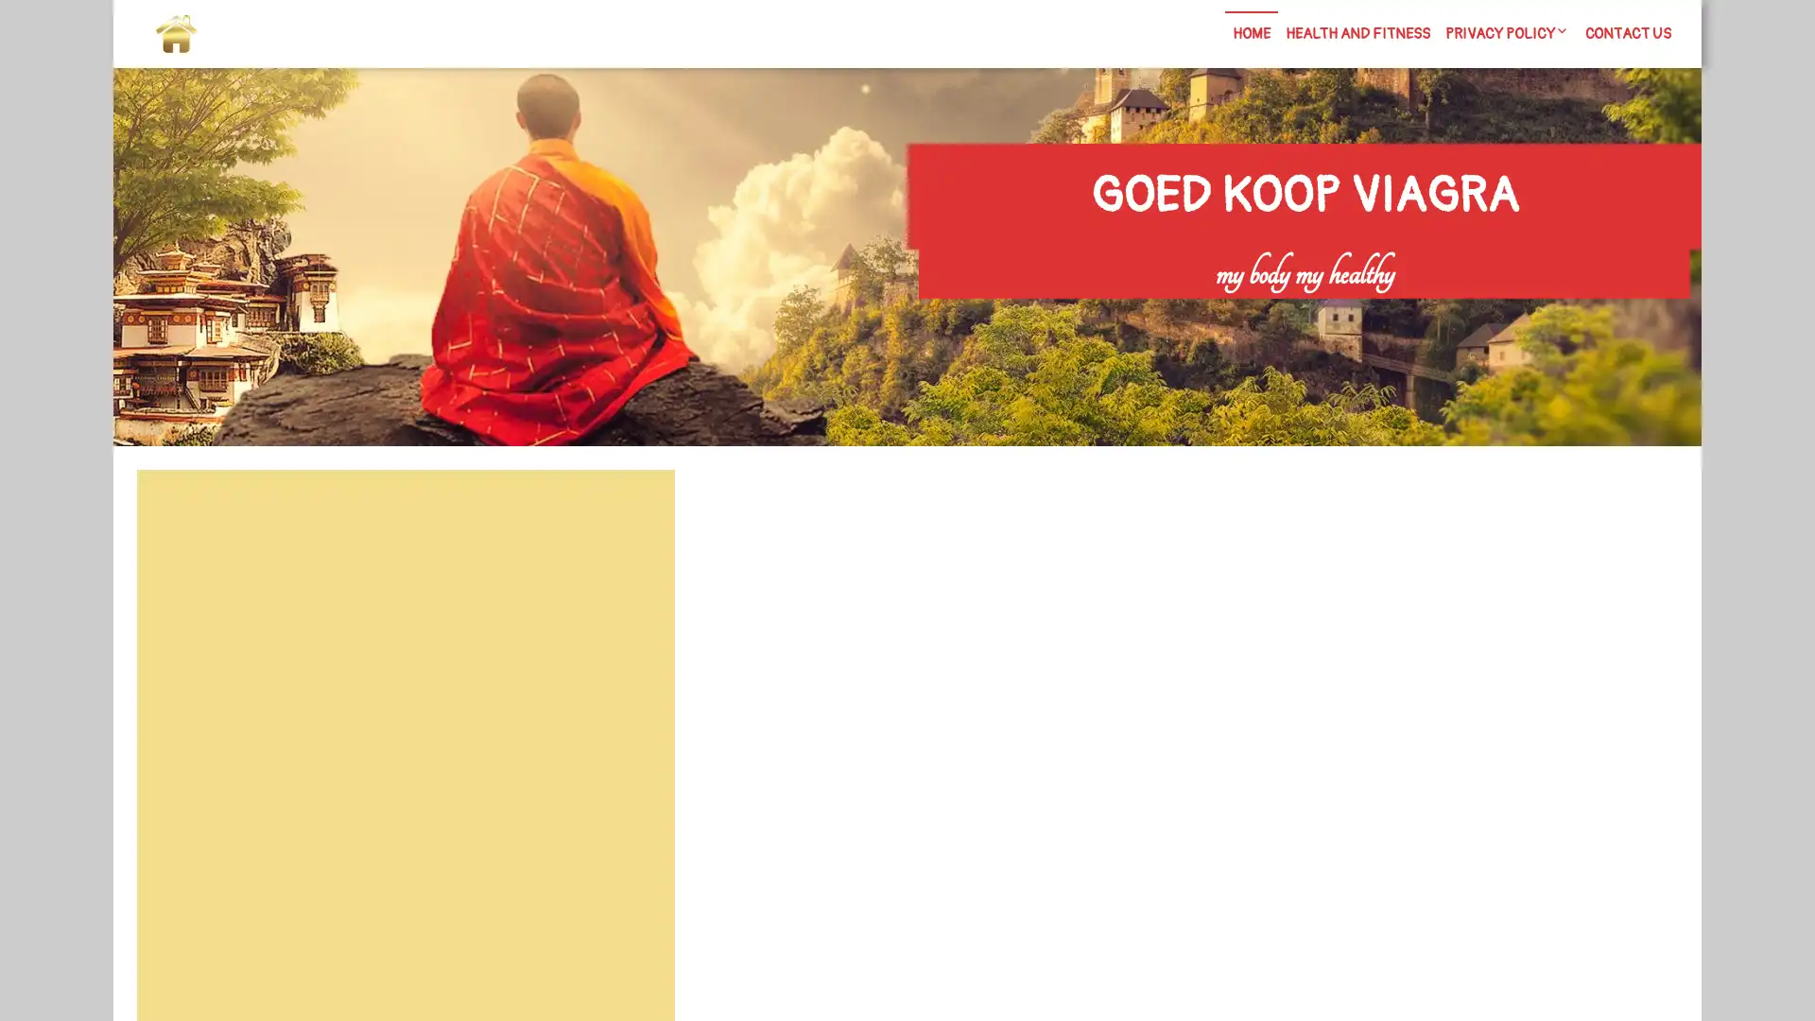 This screenshot has width=1815, height=1021. Describe the element at coordinates (631, 515) in the screenshot. I see `Search` at that location.